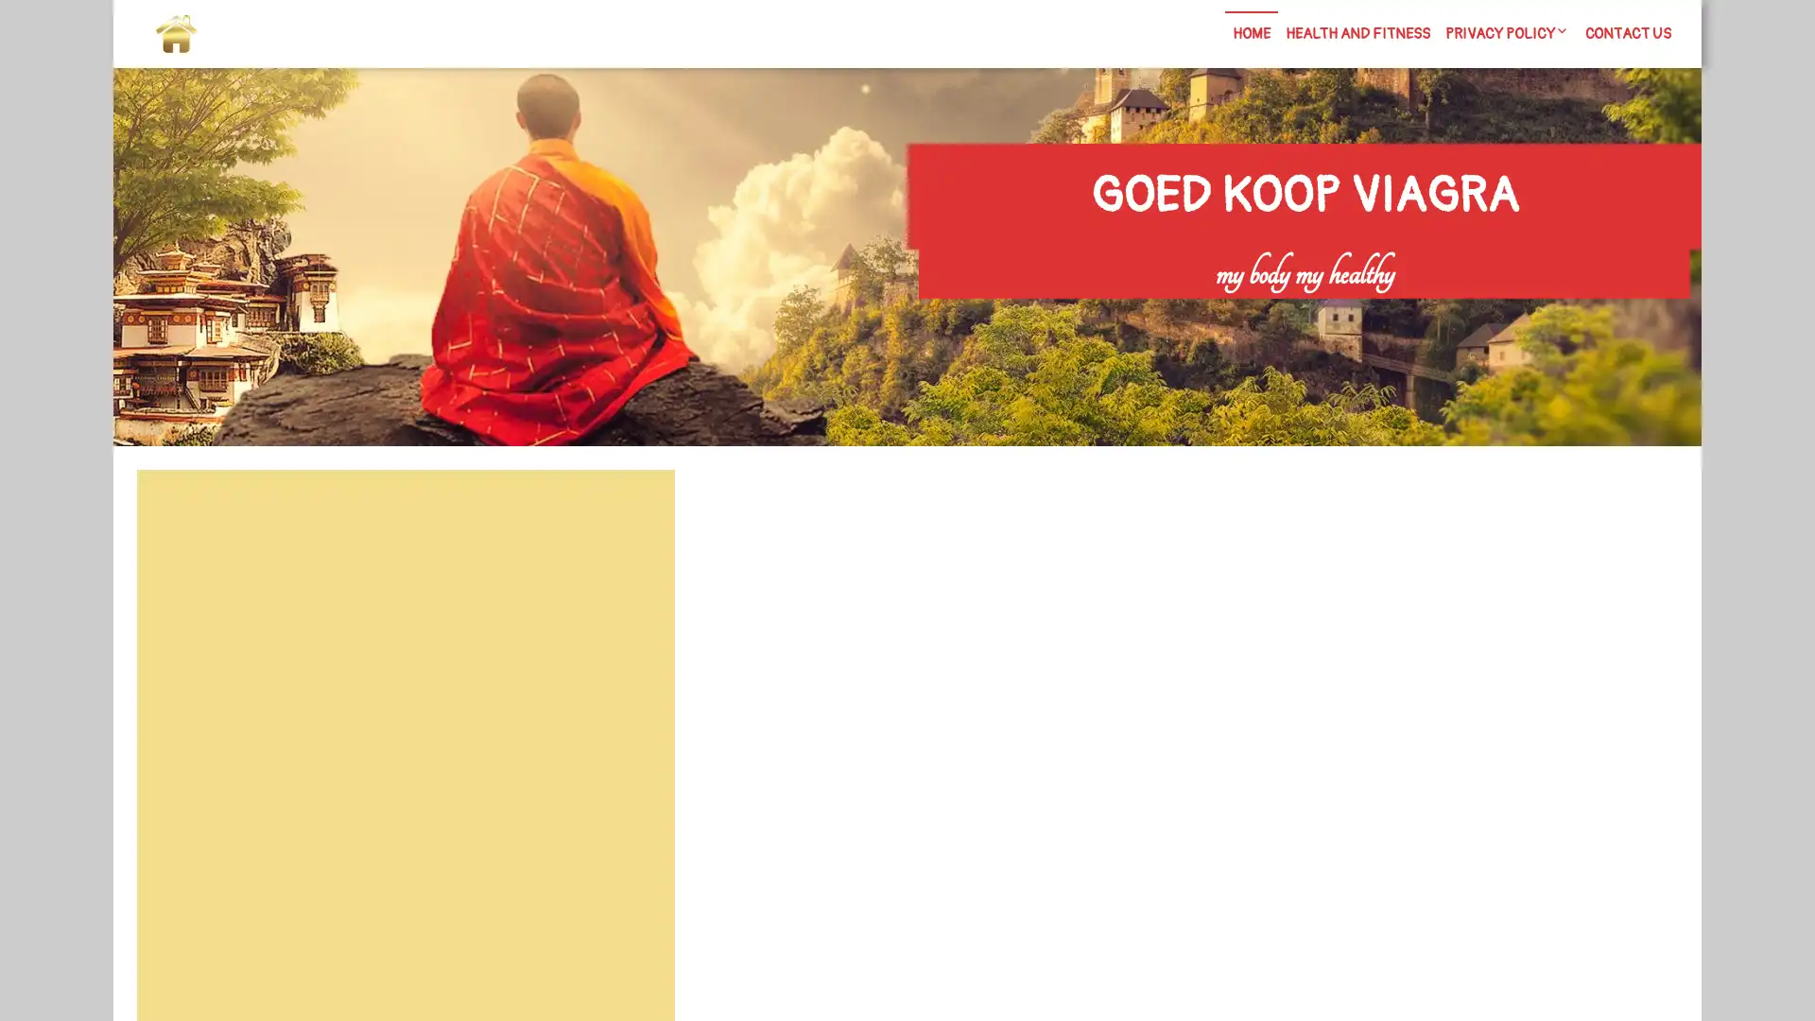 This screenshot has width=1815, height=1021. Describe the element at coordinates (631, 515) in the screenshot. I see `Search` at that location.